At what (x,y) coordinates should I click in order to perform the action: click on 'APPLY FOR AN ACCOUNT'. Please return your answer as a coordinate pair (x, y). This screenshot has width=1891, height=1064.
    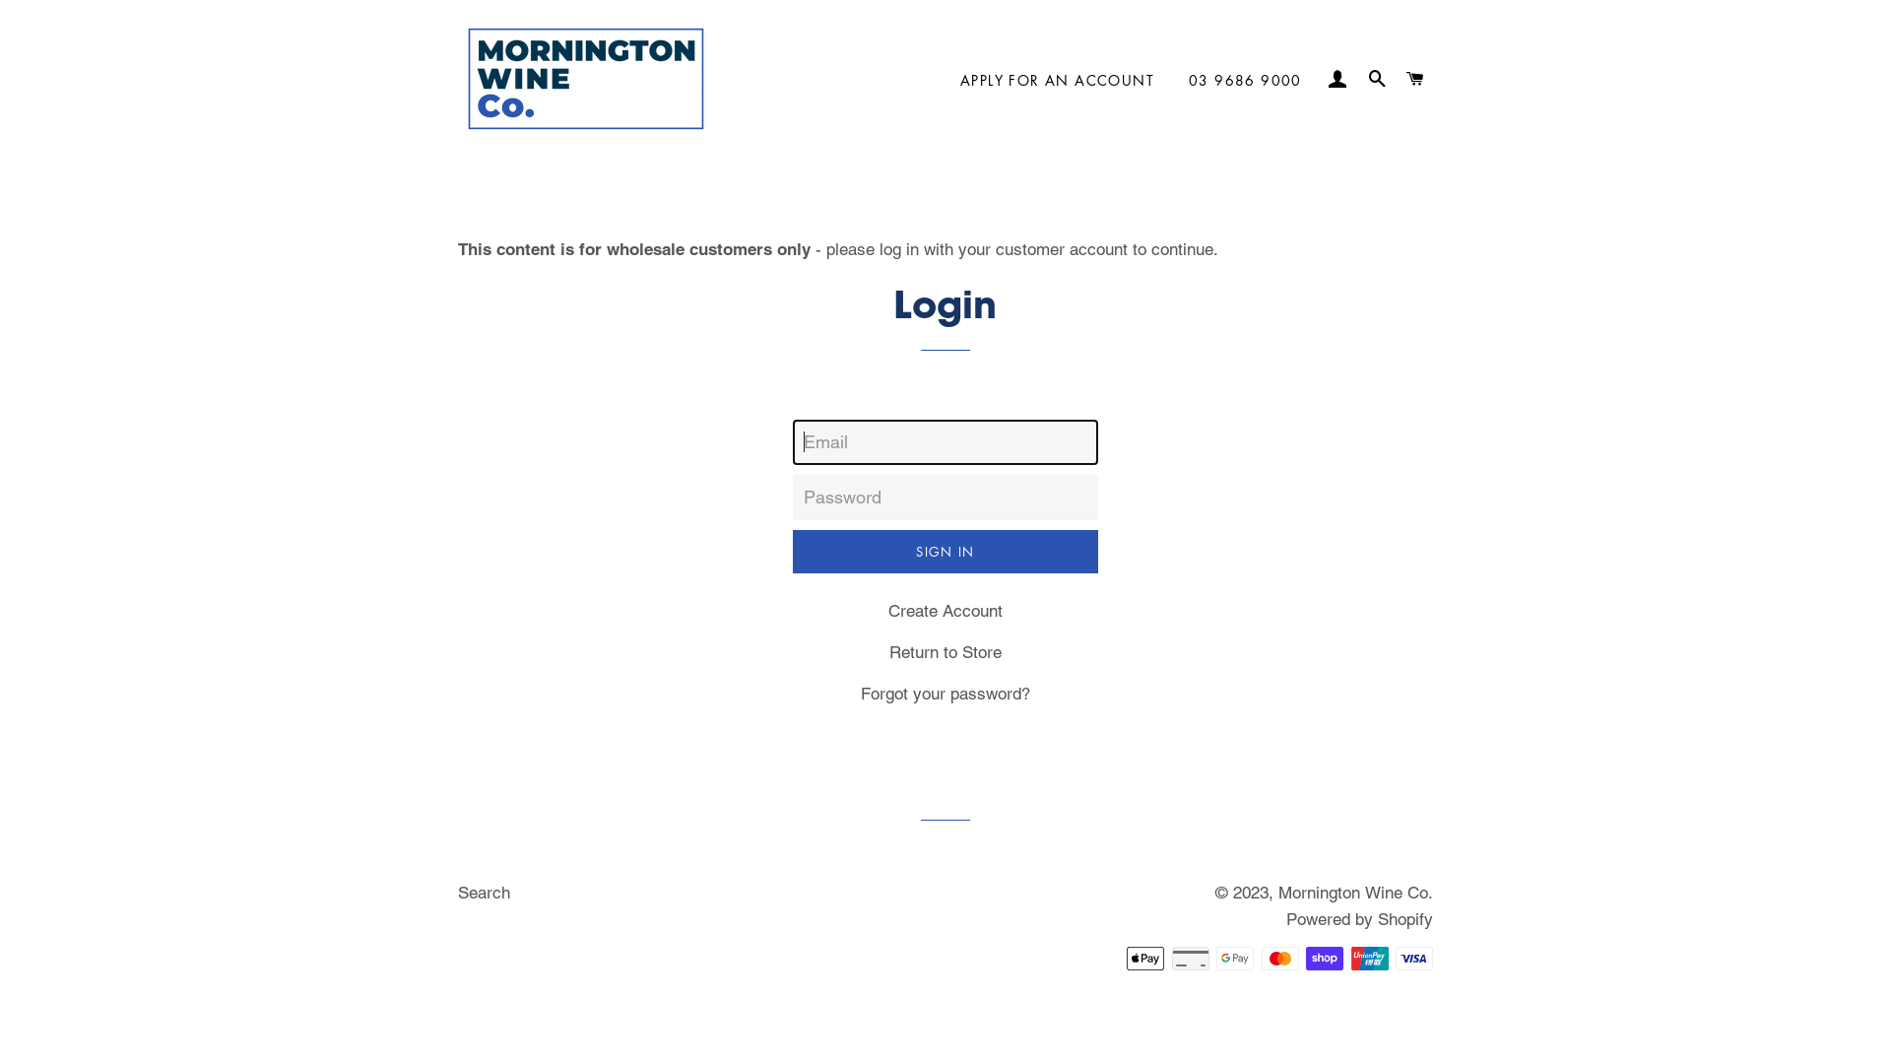
    Looking at the image, I should click on (945, 79).